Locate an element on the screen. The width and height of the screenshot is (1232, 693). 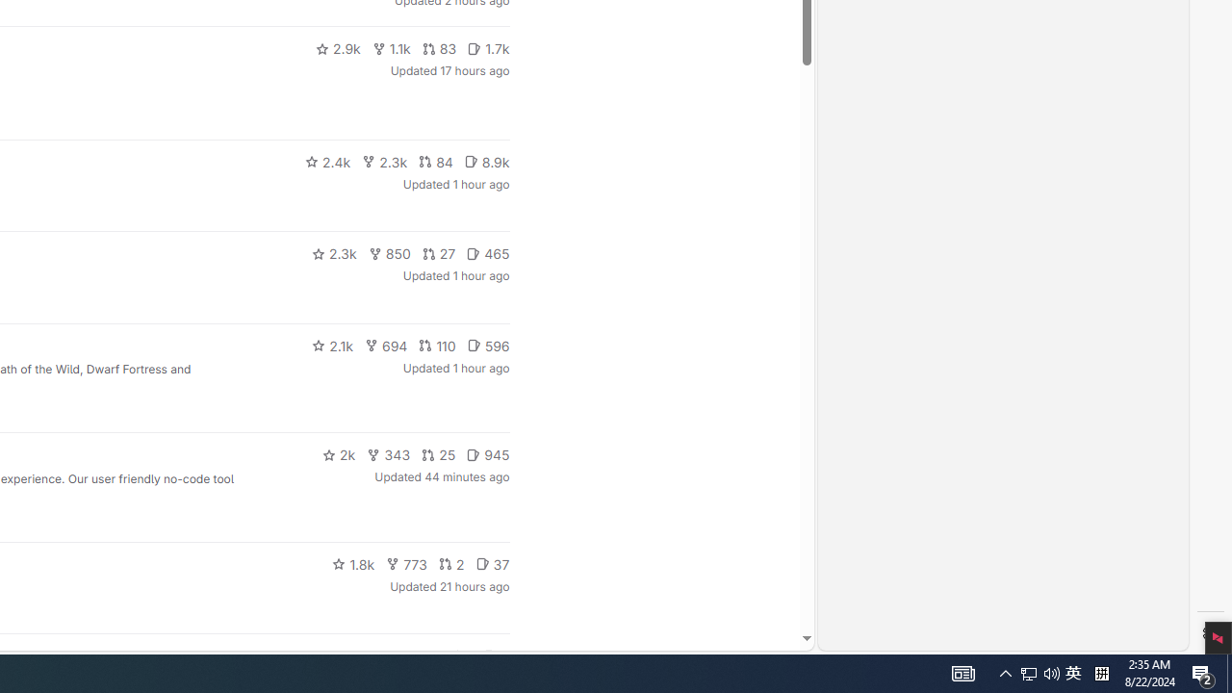
'2.3k' is located at coordinates (333, 252).